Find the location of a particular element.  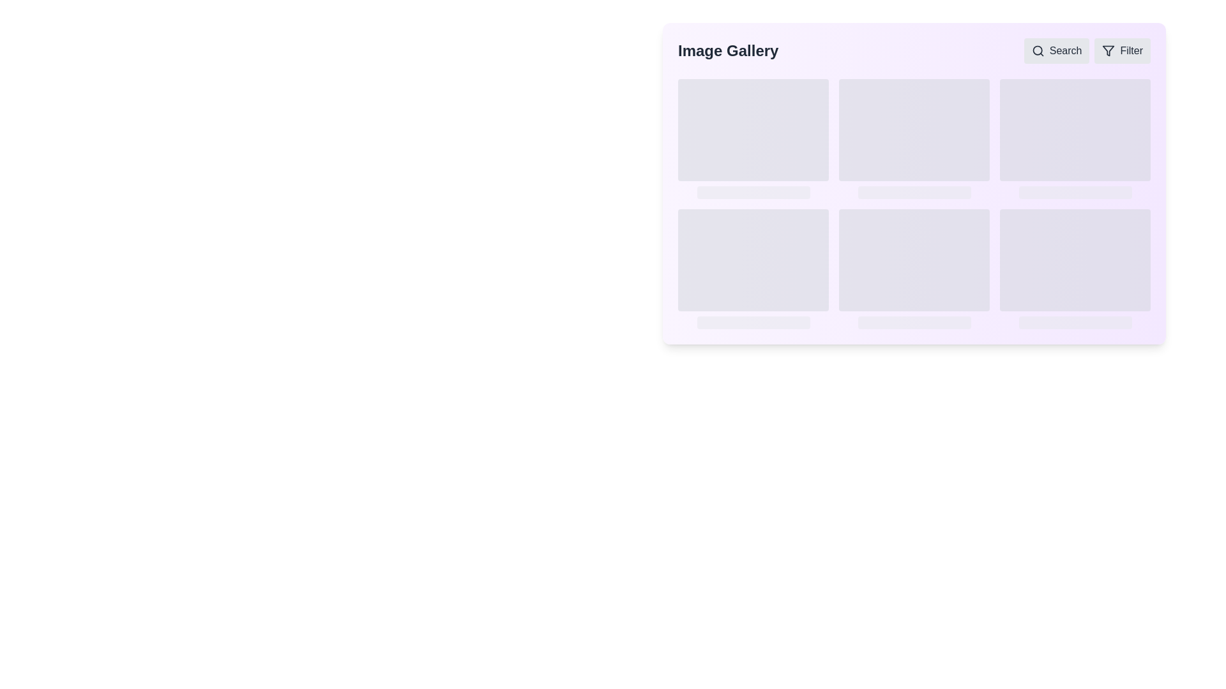

the 'Filter' button which contains the filter icon on its left side, located in the top-right corner of the interface is located at coordinates (1108, 50).